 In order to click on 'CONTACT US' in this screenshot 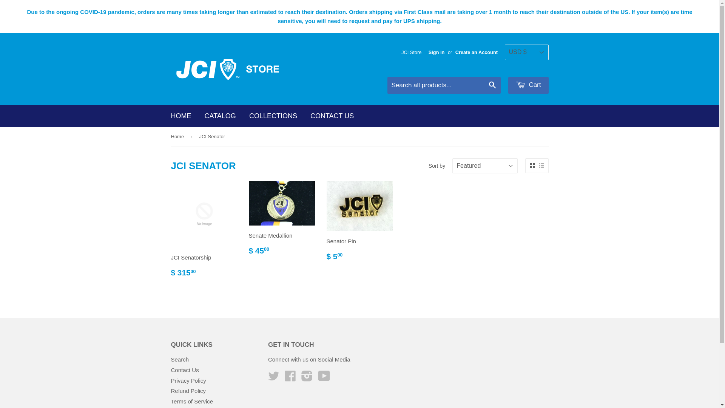, I will do `click(332, 116)`.